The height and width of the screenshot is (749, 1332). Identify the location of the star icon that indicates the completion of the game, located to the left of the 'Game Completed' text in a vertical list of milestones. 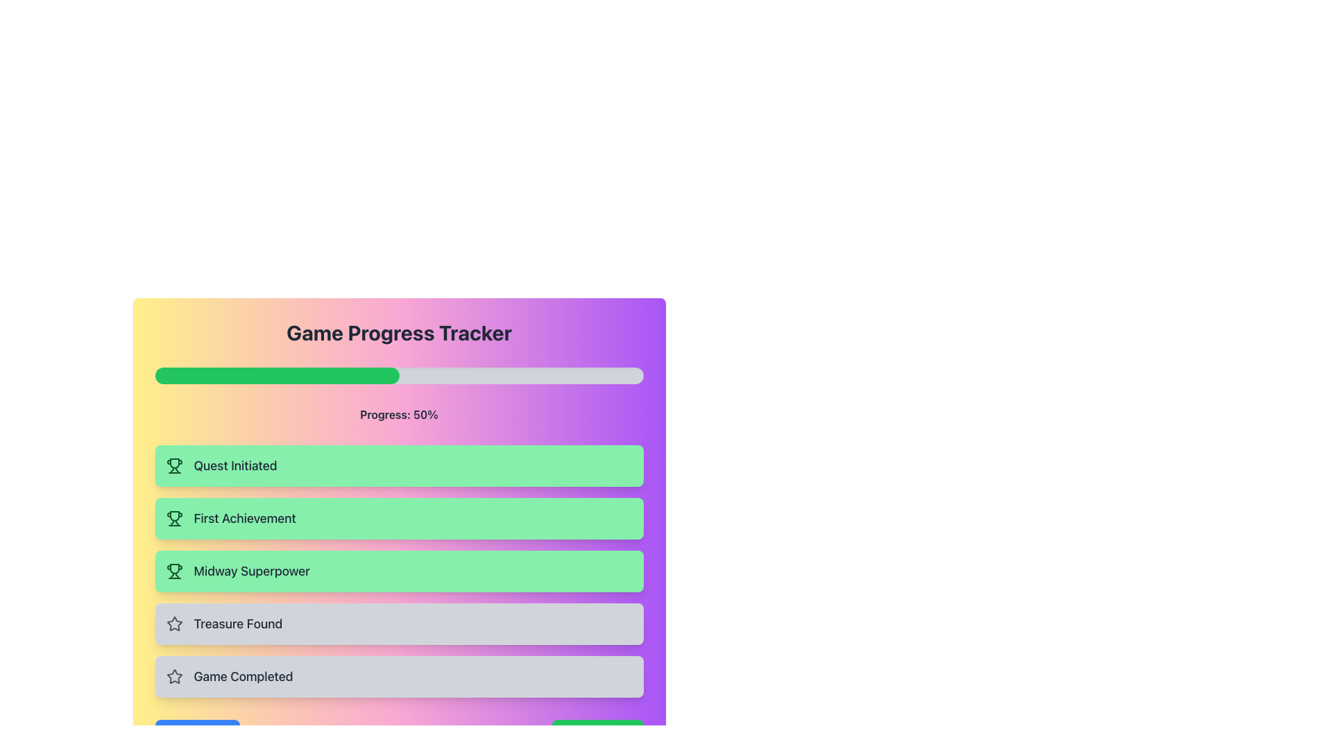
(173, 675).